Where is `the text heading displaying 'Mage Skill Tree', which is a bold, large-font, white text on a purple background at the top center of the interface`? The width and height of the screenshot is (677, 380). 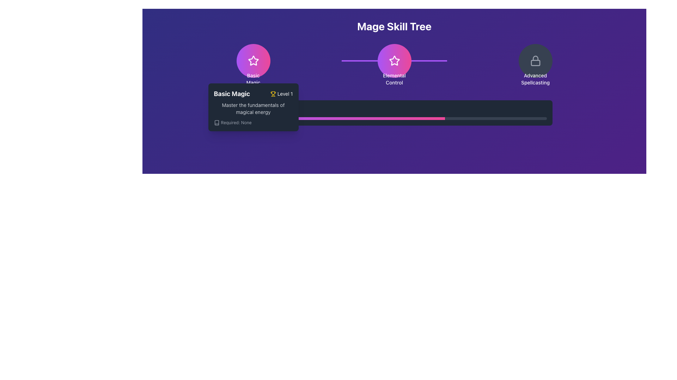 the text heading displaying 'Mage Skill Tree', which is a bold, large-font, white text on a purple background at the top center of the interface is located at coordinates (394, 26).